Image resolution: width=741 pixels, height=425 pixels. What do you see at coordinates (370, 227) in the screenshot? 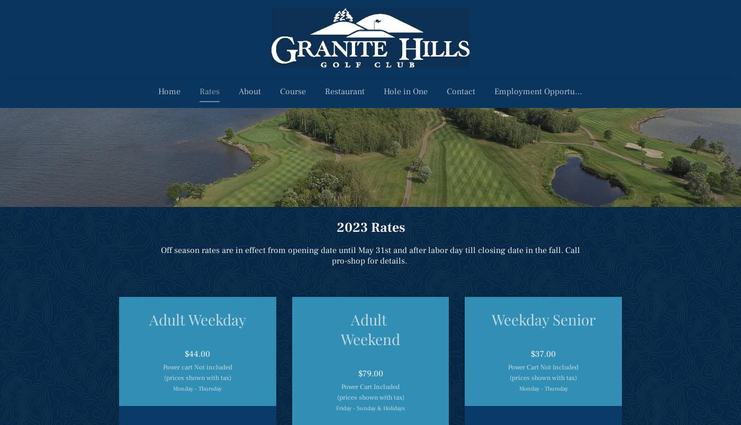
I see `'2023 Rates'` at bounding box center [370, 227].